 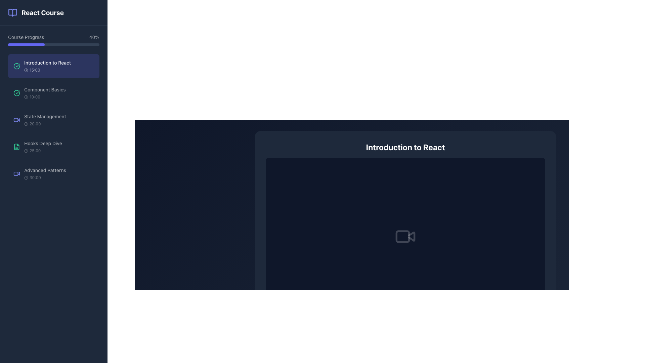 What do you see at coordinates (53, 40) in the screenshot?
I see `progress information displayed on the progress bar that shows 'Course Progress' and '40%' in the sidebar below the title 'React Course'` at bounding box center [53, 40].